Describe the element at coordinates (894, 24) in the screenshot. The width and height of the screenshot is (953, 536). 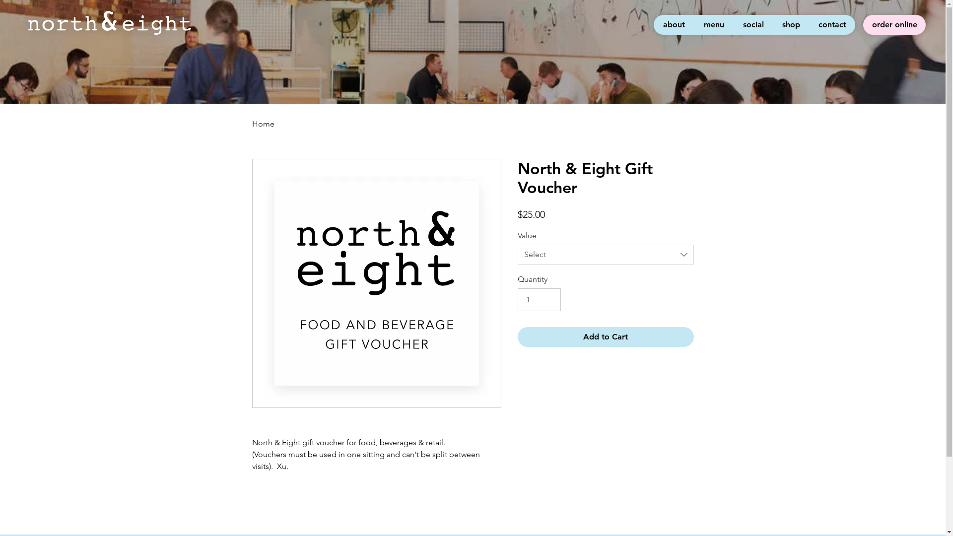
I see `'order online'` at that location.